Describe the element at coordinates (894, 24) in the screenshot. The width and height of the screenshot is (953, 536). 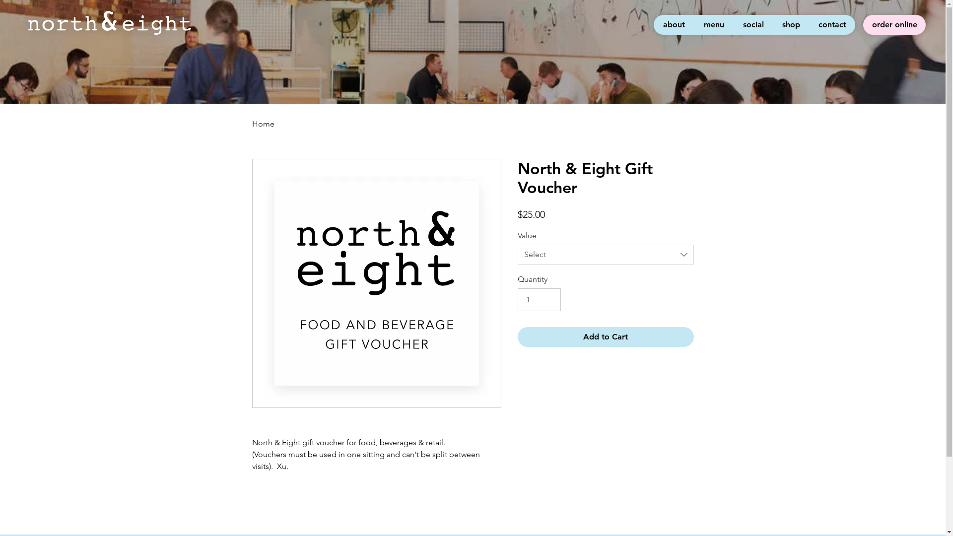
I see `'order online'` at that location.